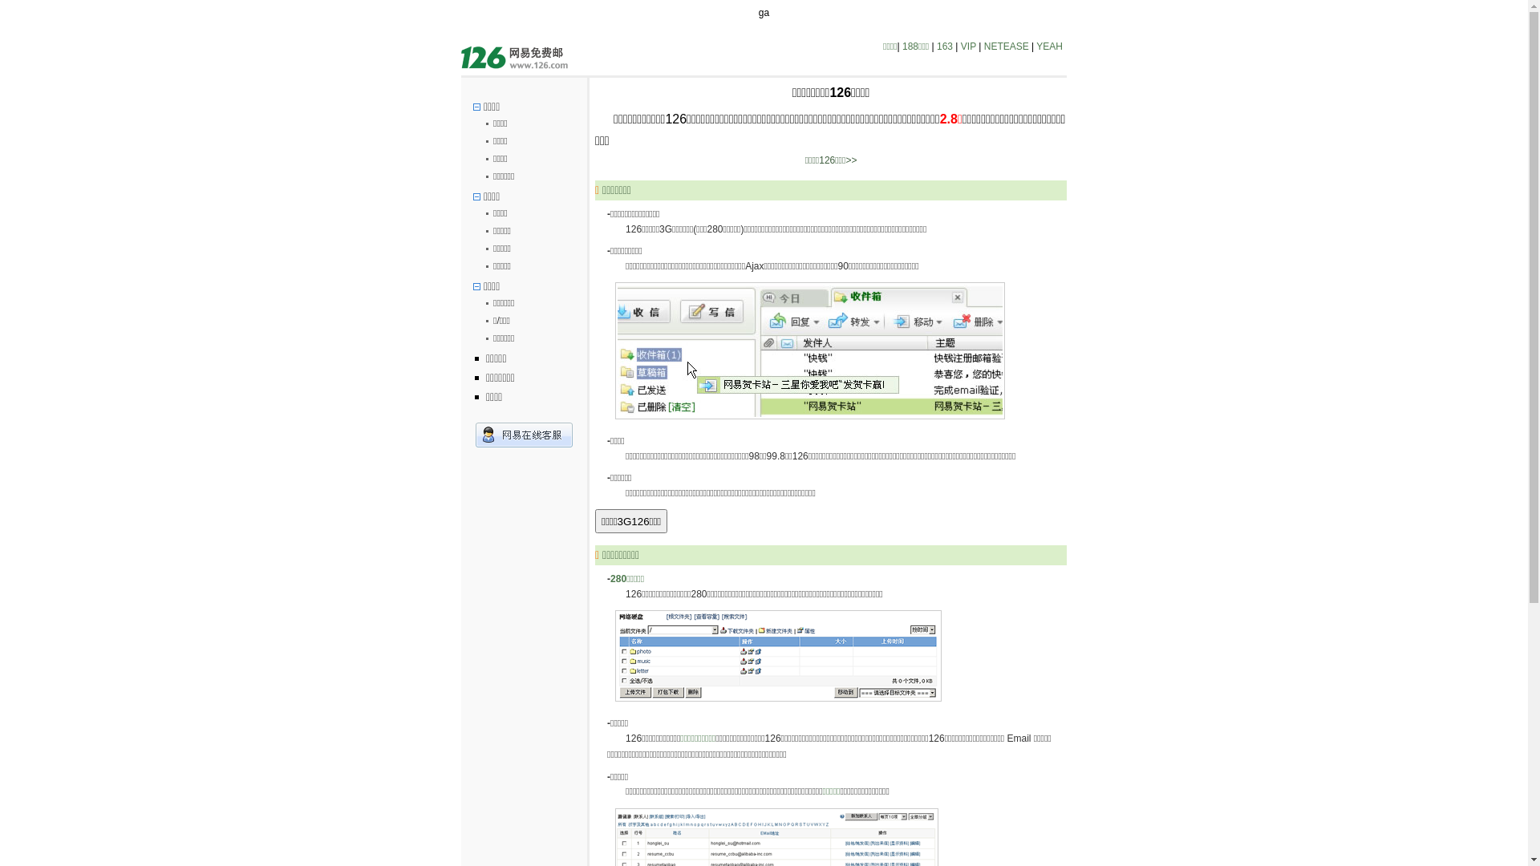 The image size is (1540, 866). What do you see at coordinates (1005, 45) in the screenshot?
I see `'NETEASE'` at bounding box center [1005, 45].